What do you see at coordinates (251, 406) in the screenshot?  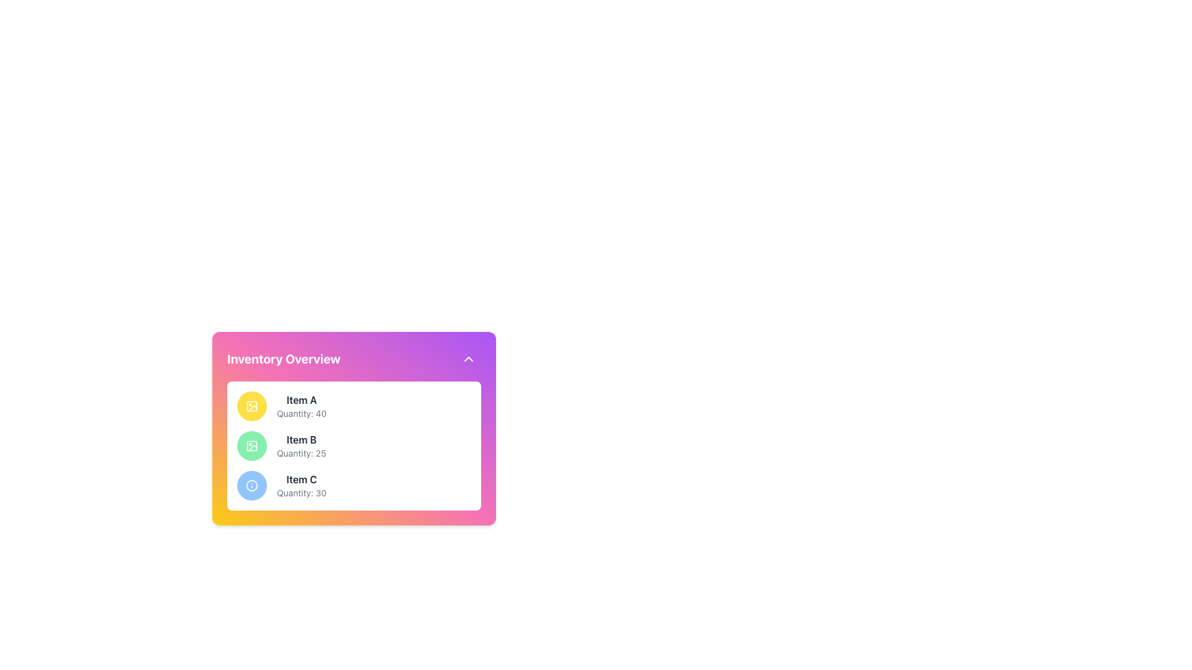 I see `the yellow square with rounded corners that is part of the colored circle icon to the left of the list item labeled 'Item A' in the Inventory Overview panel` at bounding box center [251, 406].